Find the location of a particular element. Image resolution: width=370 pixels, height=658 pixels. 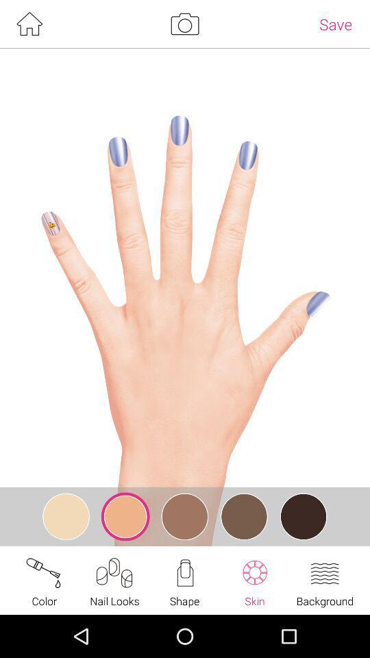

the photo icon is located at coordinates (184, 25).